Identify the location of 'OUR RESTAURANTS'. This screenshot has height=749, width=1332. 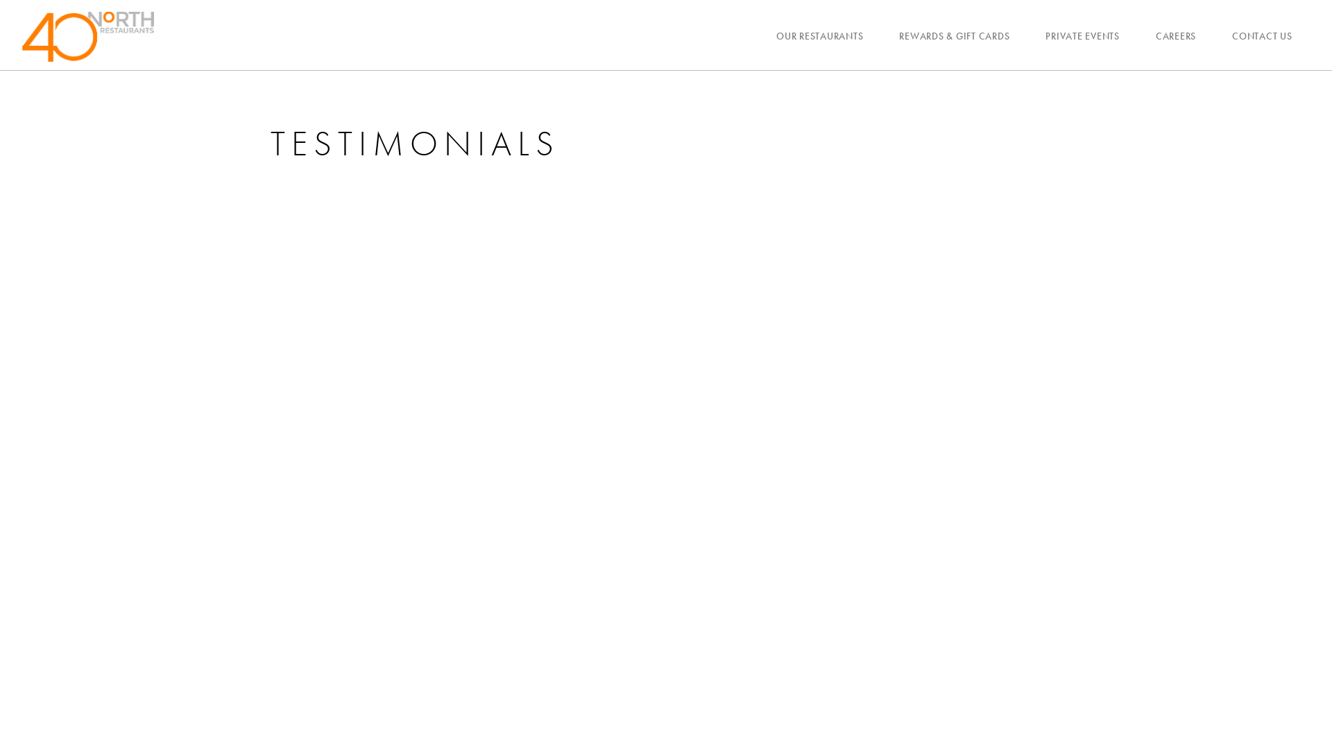
(819, 35).